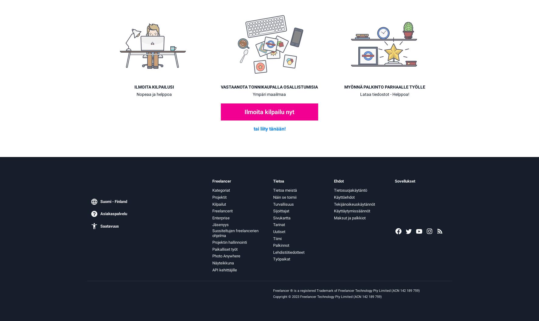  I want to click on 'Näin se toimii', so click(273, 197).